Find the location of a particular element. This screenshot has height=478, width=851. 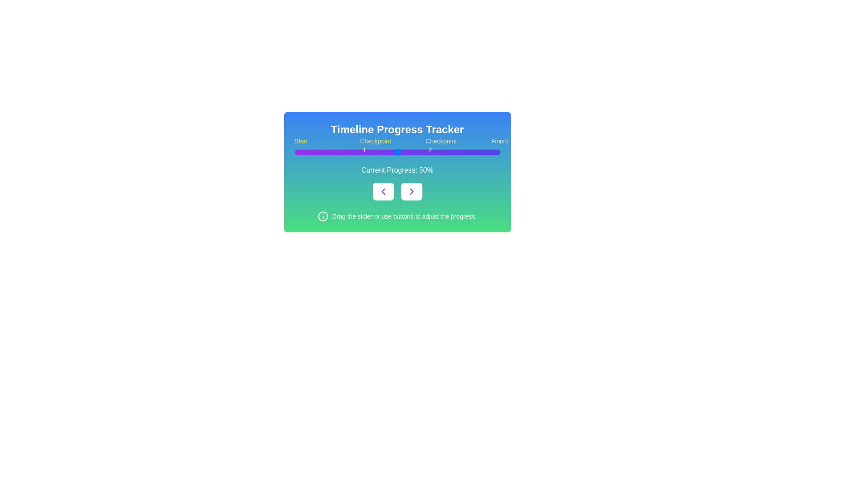

the progress is located at coordinates (315, 151).